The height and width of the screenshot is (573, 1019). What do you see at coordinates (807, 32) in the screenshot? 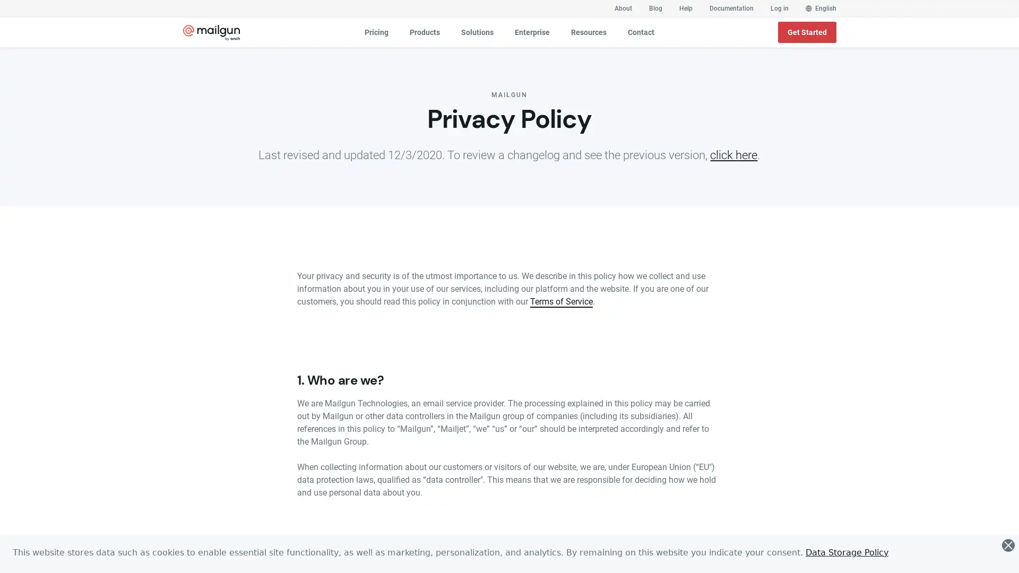
I see `Get Started` at bounding box center [807, 32].